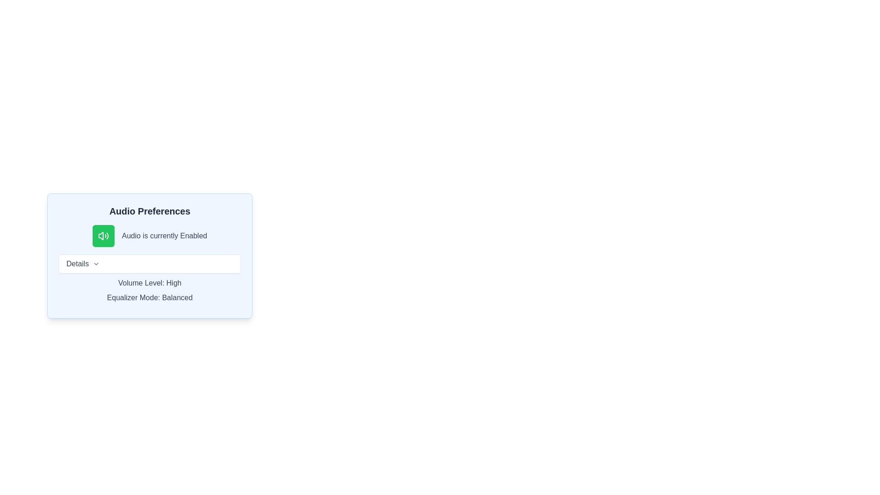 The width and height of the screenshot is (880, 495). I want to click on the outermost sound wave element of the speaker icon, which represents audio functionality in the Audio Preferences card, so click(107, 236).